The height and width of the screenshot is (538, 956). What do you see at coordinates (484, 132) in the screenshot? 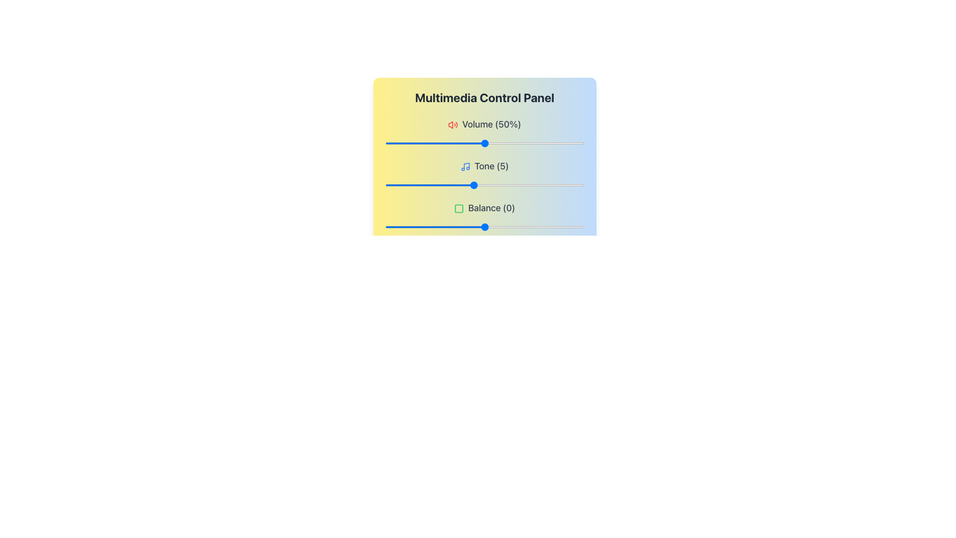
I see `the Volume control display located at the top of the 'Multimedia Control Panel'` at bounding box center [484, 132].